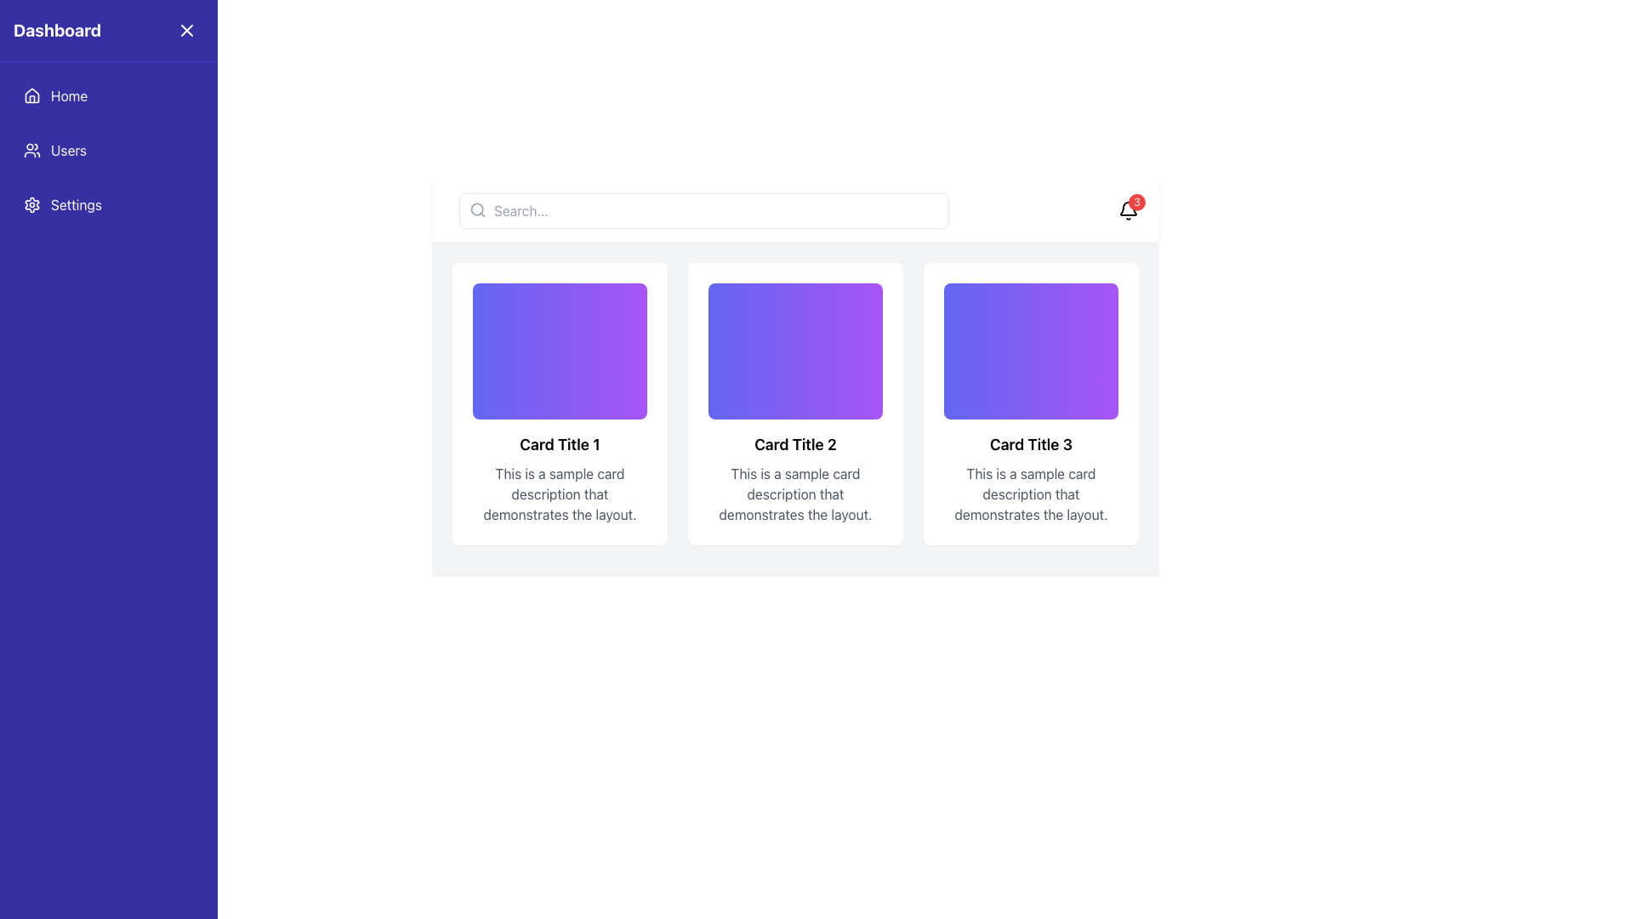 The image size is (1633, 919). What do you see at coordinates (1137, 202) in the screenshot?
I see `the content of the notification badge, which is a red circular badge with the number '3' inside, located at the top-right corner of the bell icon` at bounding box center [1137, 202].